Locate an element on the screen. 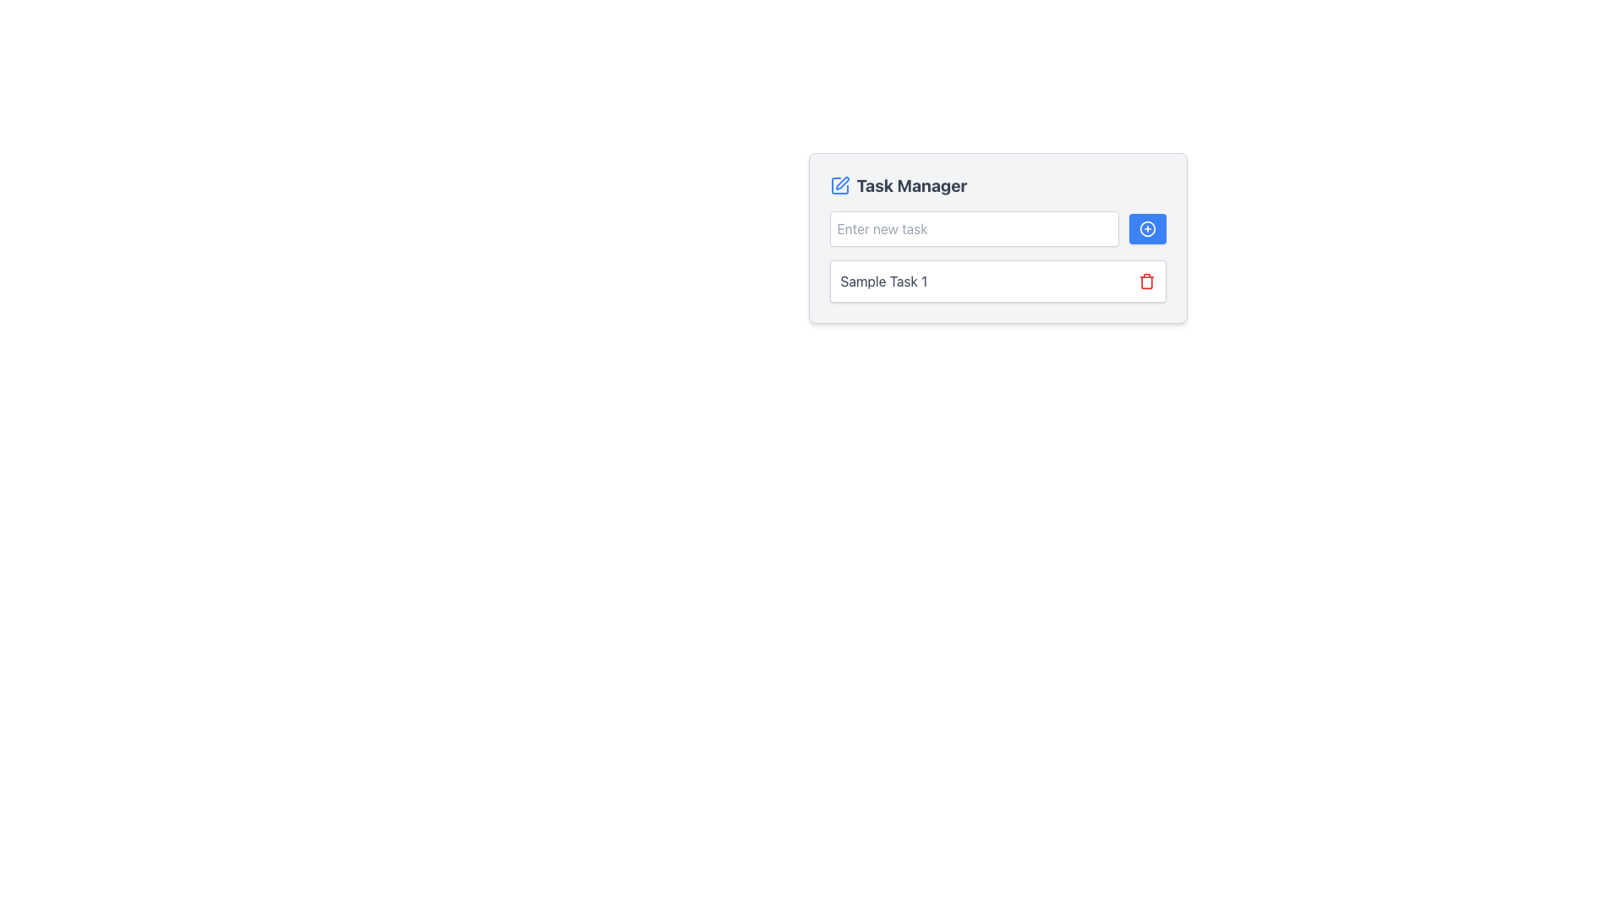 The height and width of the screenshot is (913, 1623). the button located to the right of the 'Enter new task' input field is located at coordinates (1147, 228).